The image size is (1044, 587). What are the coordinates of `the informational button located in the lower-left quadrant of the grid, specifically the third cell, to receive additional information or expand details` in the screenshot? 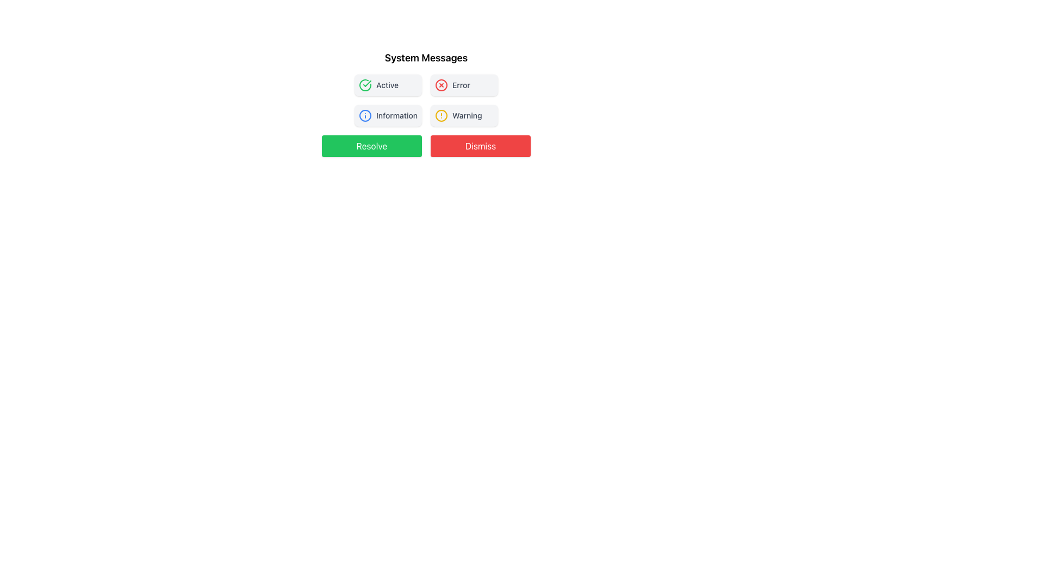 It's located at (388, 115).